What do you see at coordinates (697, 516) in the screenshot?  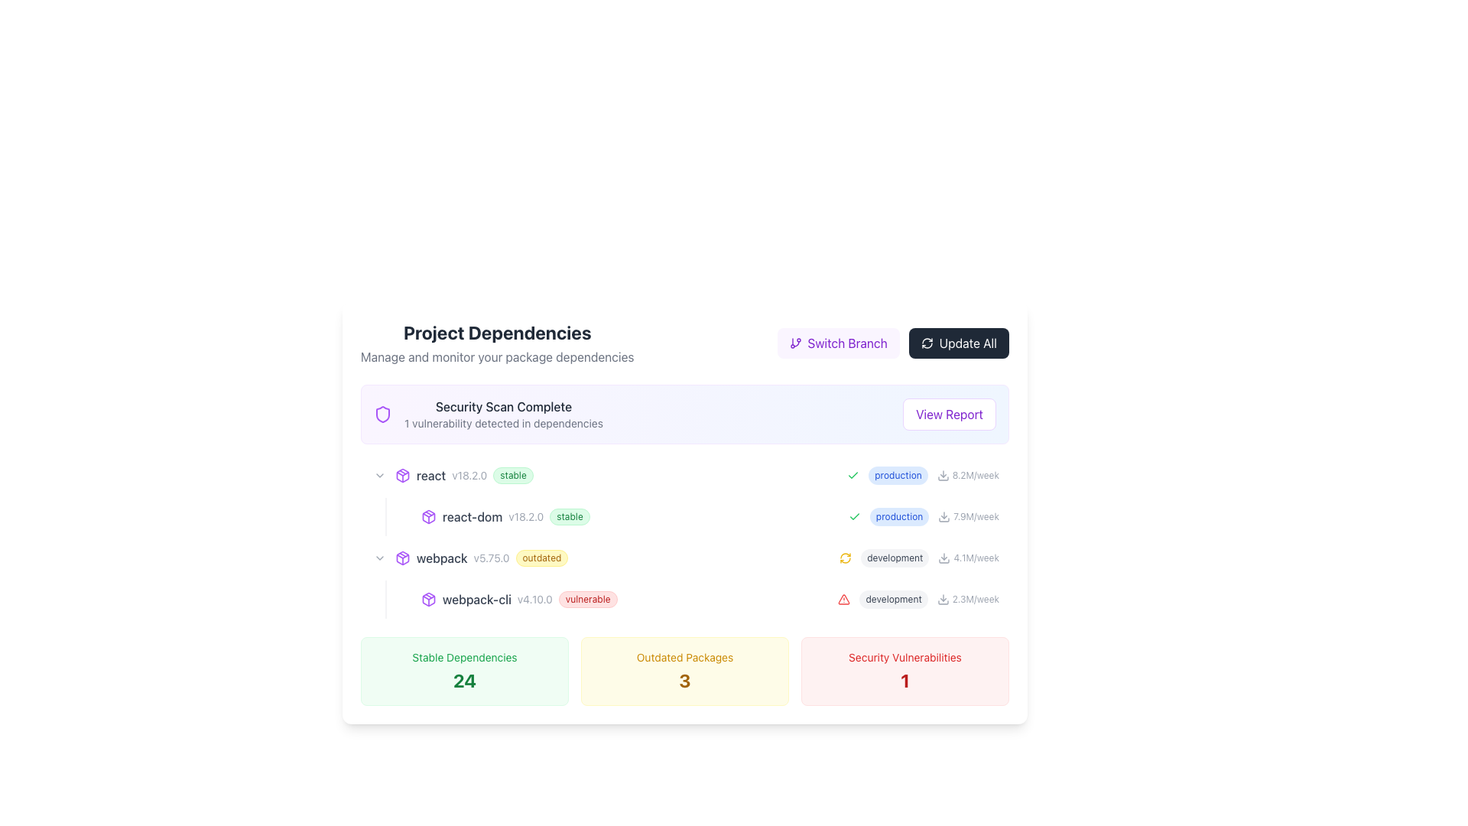 I see `details of the software dependency 'react-dom', which is the second item in the list of software dependencies, located below 'react' and above 'webpack'` at bounding box center [697, 516].